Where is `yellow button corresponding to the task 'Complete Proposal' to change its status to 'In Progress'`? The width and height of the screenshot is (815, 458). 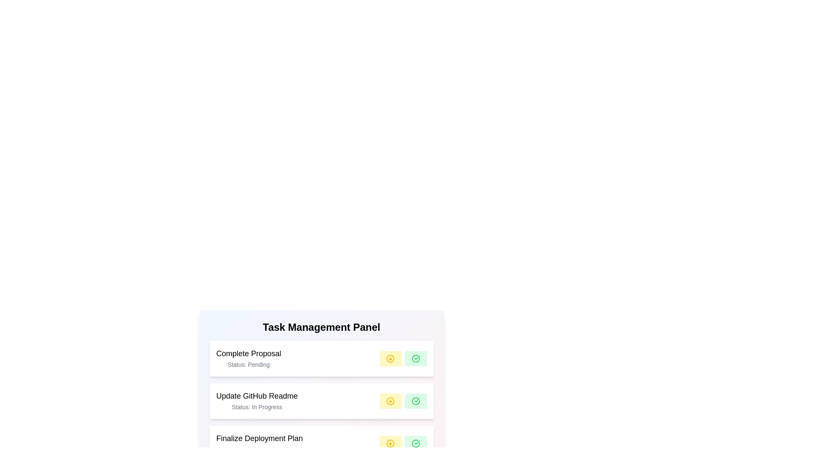 yellow button corresponding to the task 'Complete Proposal' to change its status to 'In Progress' is located at coordinates (390, 358).